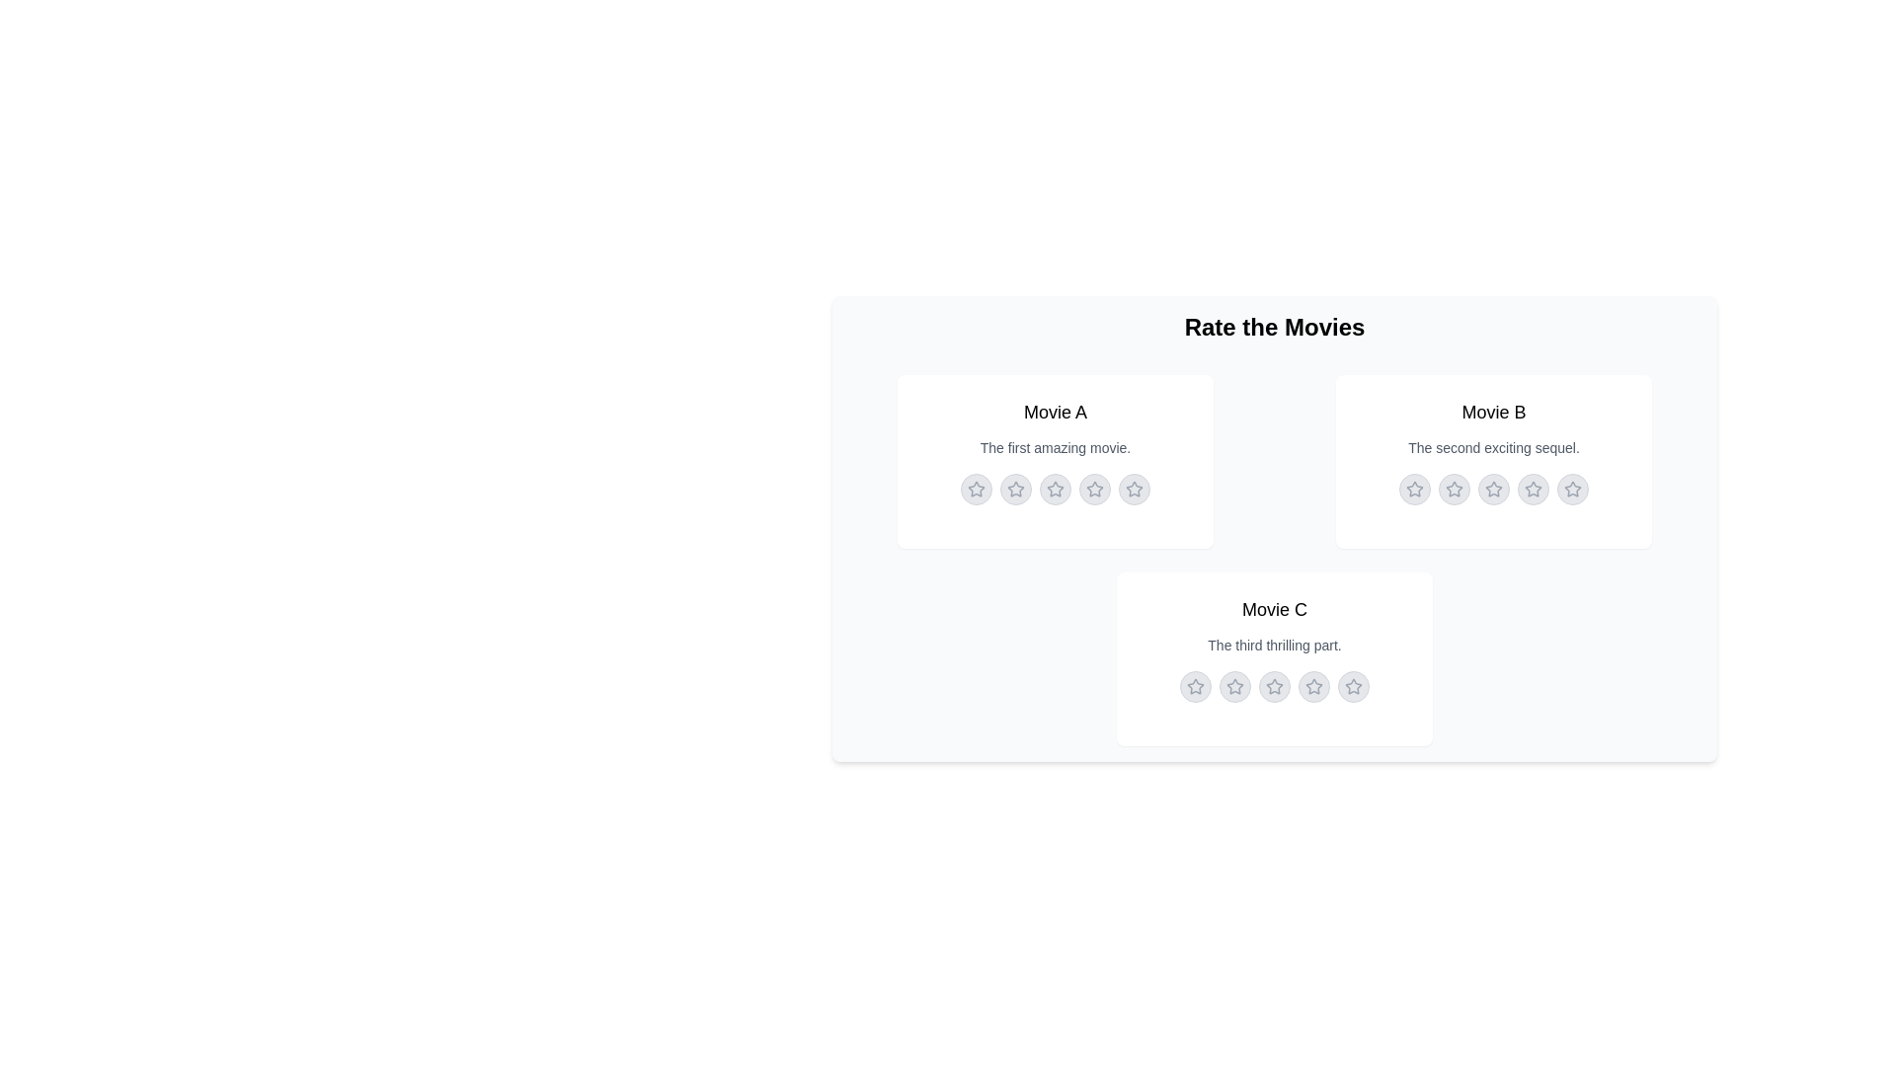 Image resolution: width=1896 pixels, height=1066 pixels. What do you see at coordinates (1274, 684) in the screenshot?
I see `the fourth star icon in the rating section for 'Movie C'` at bounding box center [1274, 684].